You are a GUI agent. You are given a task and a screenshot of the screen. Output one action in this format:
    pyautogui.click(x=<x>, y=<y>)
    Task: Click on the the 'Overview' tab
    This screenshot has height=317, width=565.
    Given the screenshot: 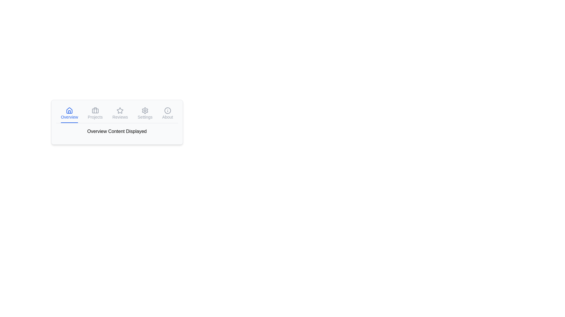 What is the action you would take?
    pyautogui.click(x=69, y=114)
    